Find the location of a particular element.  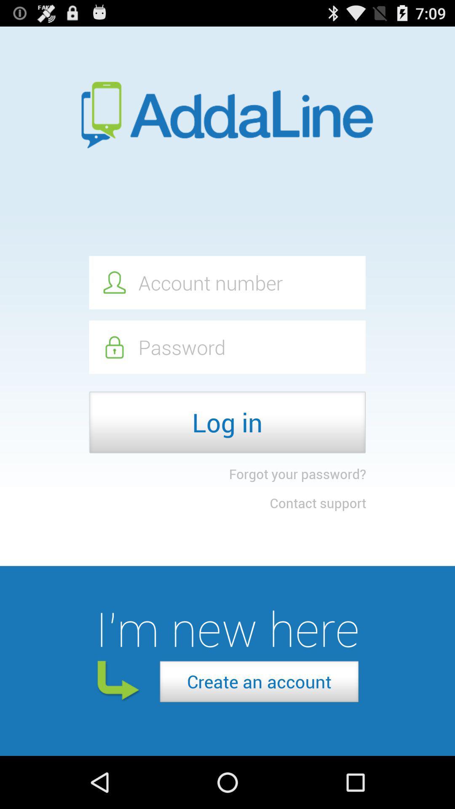

contact support item is located at coordinates (318, 503).